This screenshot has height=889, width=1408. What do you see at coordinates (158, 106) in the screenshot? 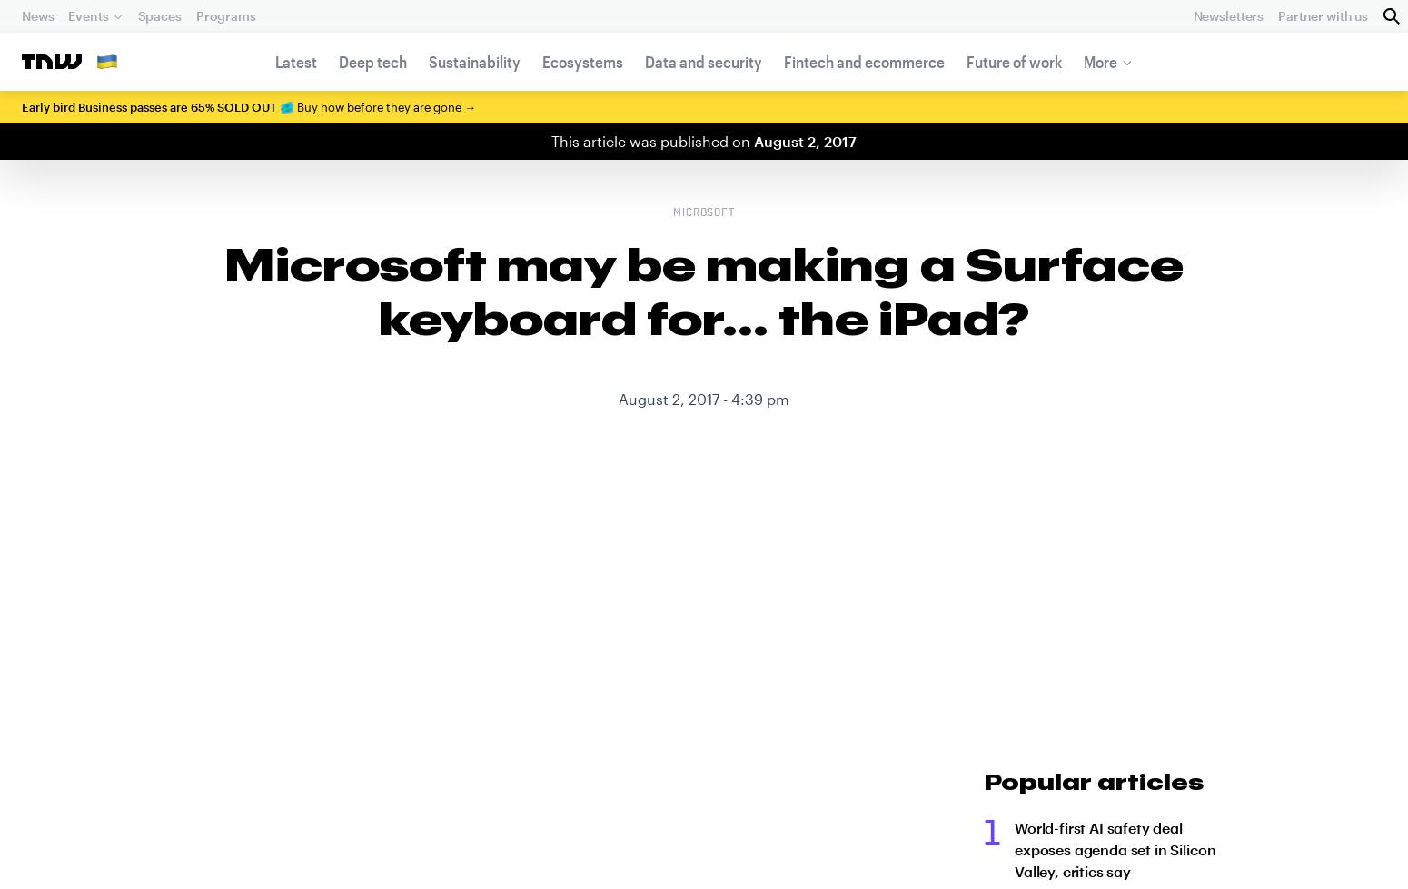
I see `'Early bird Business passes are 65% SOLD OUT 🎟️'` at bounding box center [158, 106].